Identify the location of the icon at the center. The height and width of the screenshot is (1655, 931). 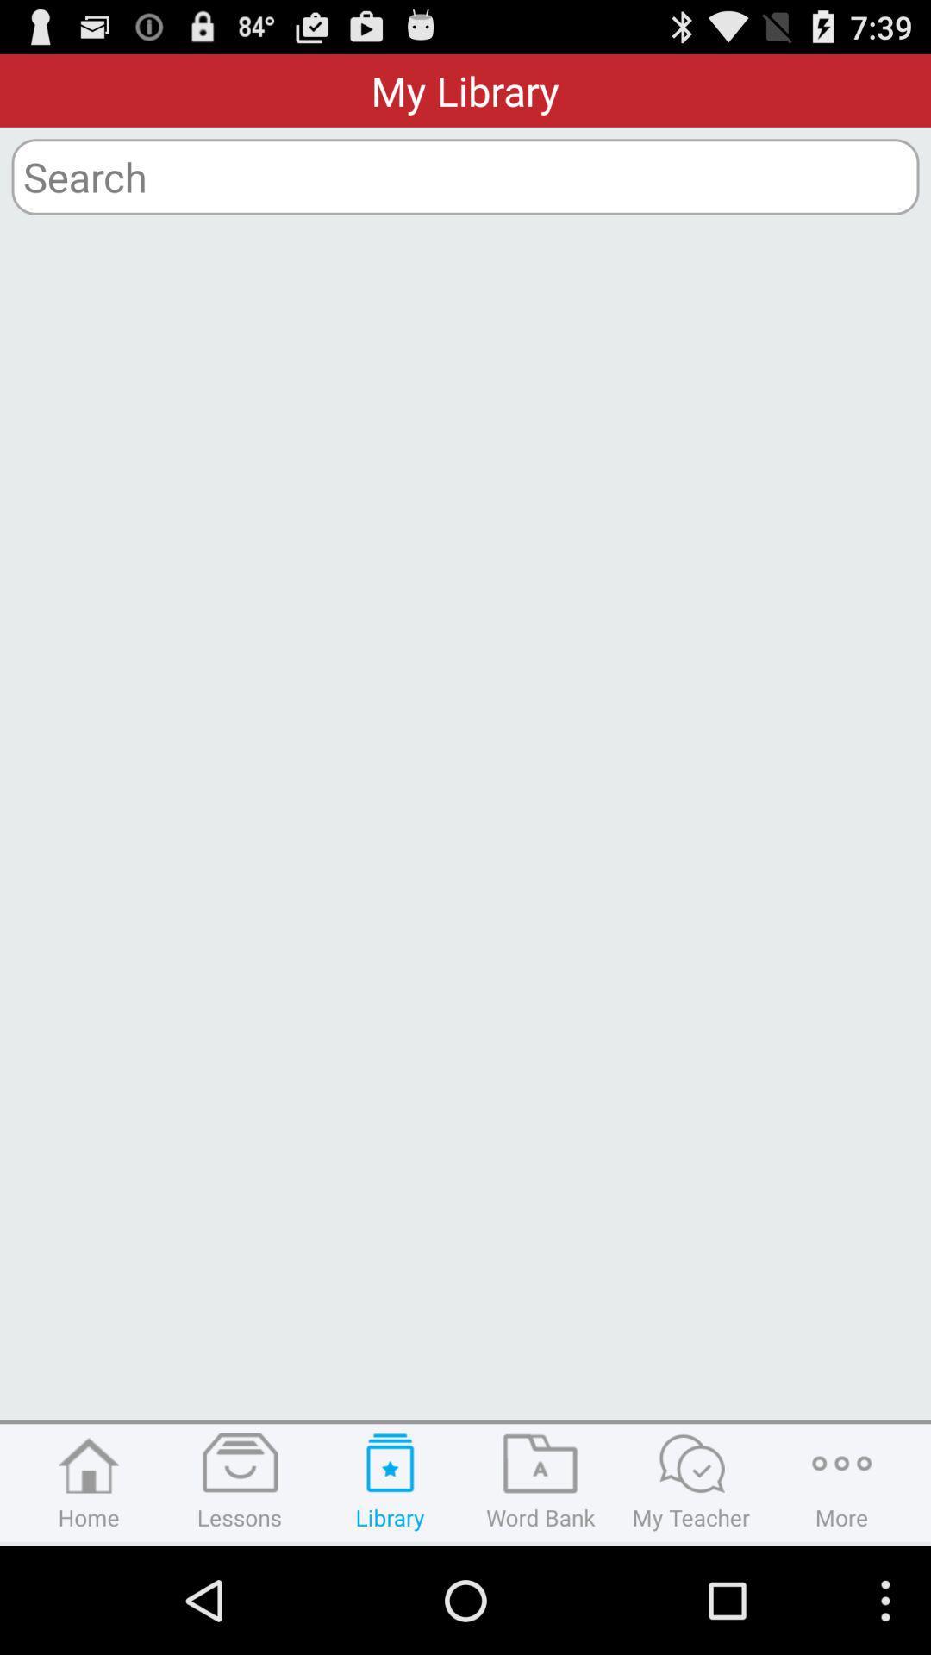
(465, 822).